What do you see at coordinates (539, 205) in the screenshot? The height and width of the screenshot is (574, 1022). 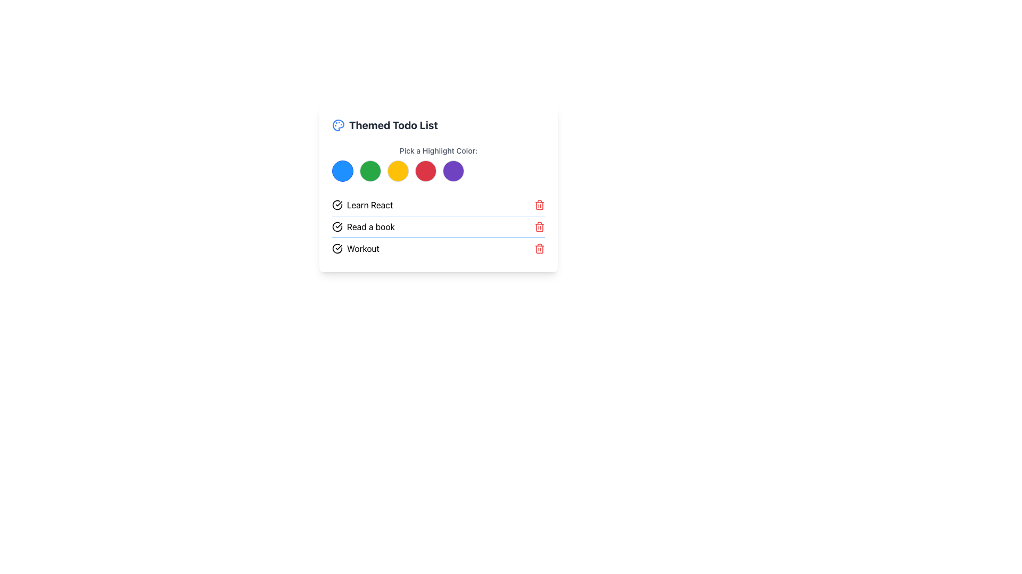 I see `the delete button located in the top right corner of the 'Learn React' task` at bounding box center [539, 205].